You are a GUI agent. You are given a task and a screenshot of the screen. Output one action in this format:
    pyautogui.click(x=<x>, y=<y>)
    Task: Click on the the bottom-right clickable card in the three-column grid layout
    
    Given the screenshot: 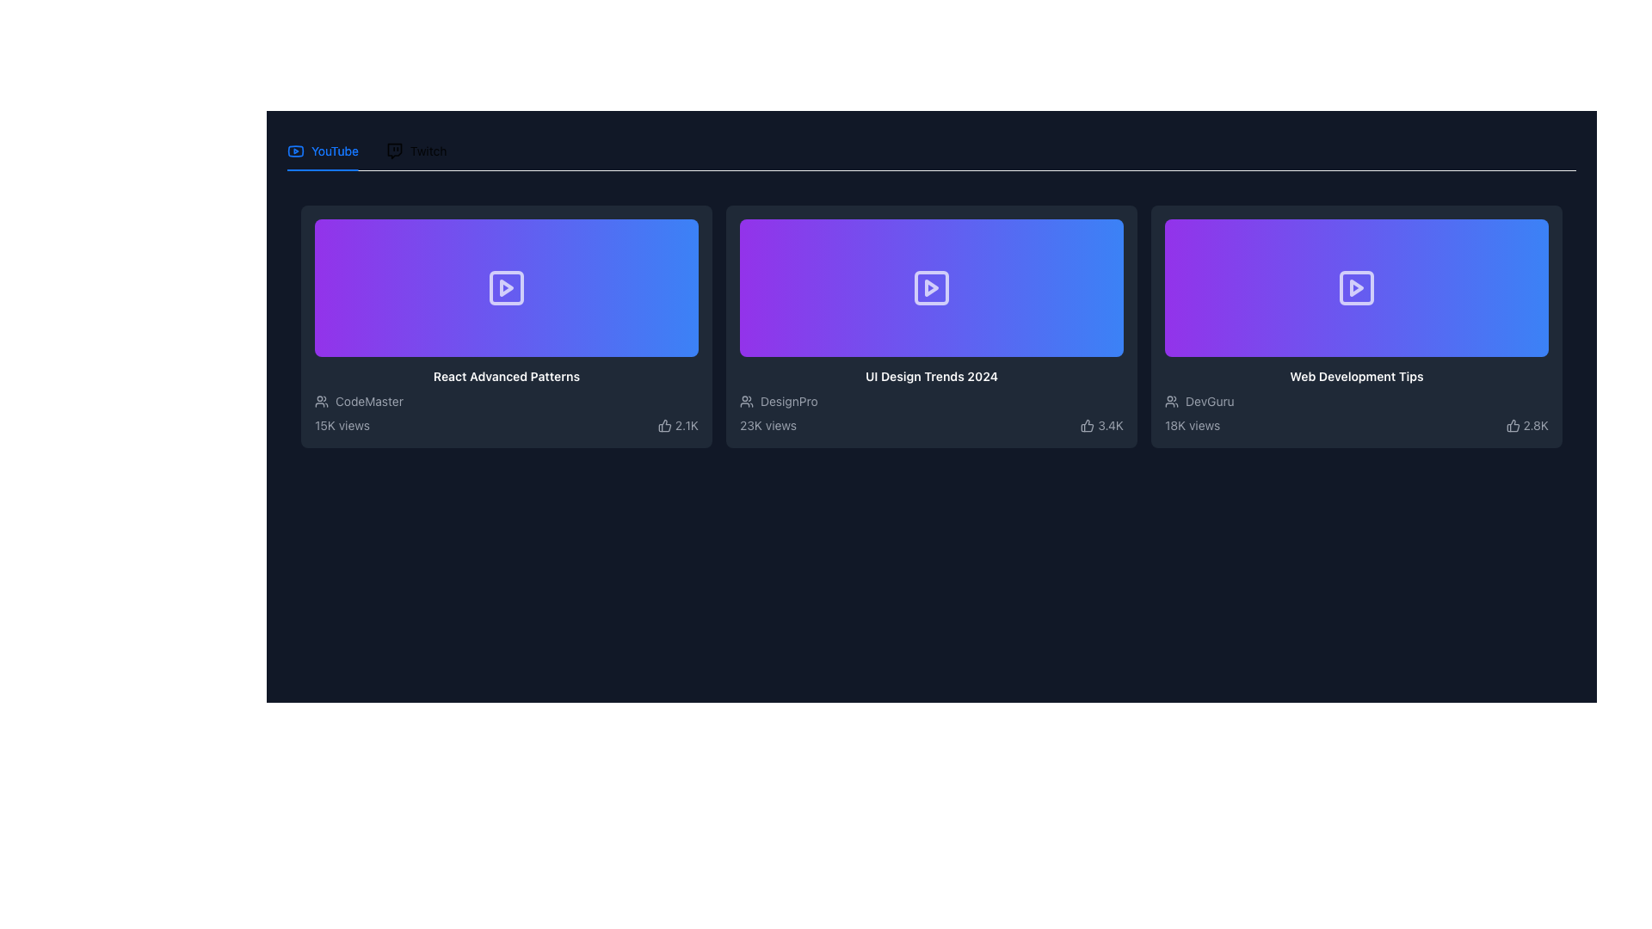 What is the action you would take?
    pyautogui.click(x=1356, y=327)
    